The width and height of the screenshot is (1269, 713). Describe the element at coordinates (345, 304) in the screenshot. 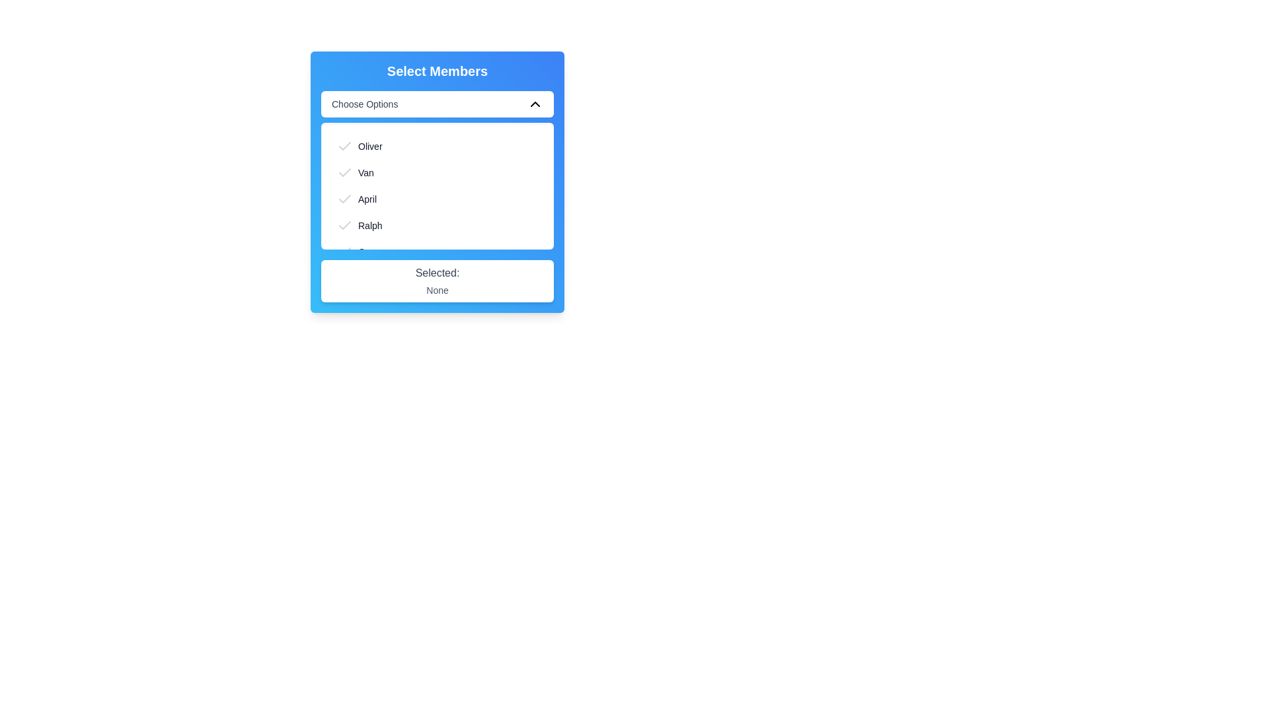

I see `the checkmark icon located at the bottom-center of the 'Select Members' dialog box, underneath the 'Selected: None' label` at that location.